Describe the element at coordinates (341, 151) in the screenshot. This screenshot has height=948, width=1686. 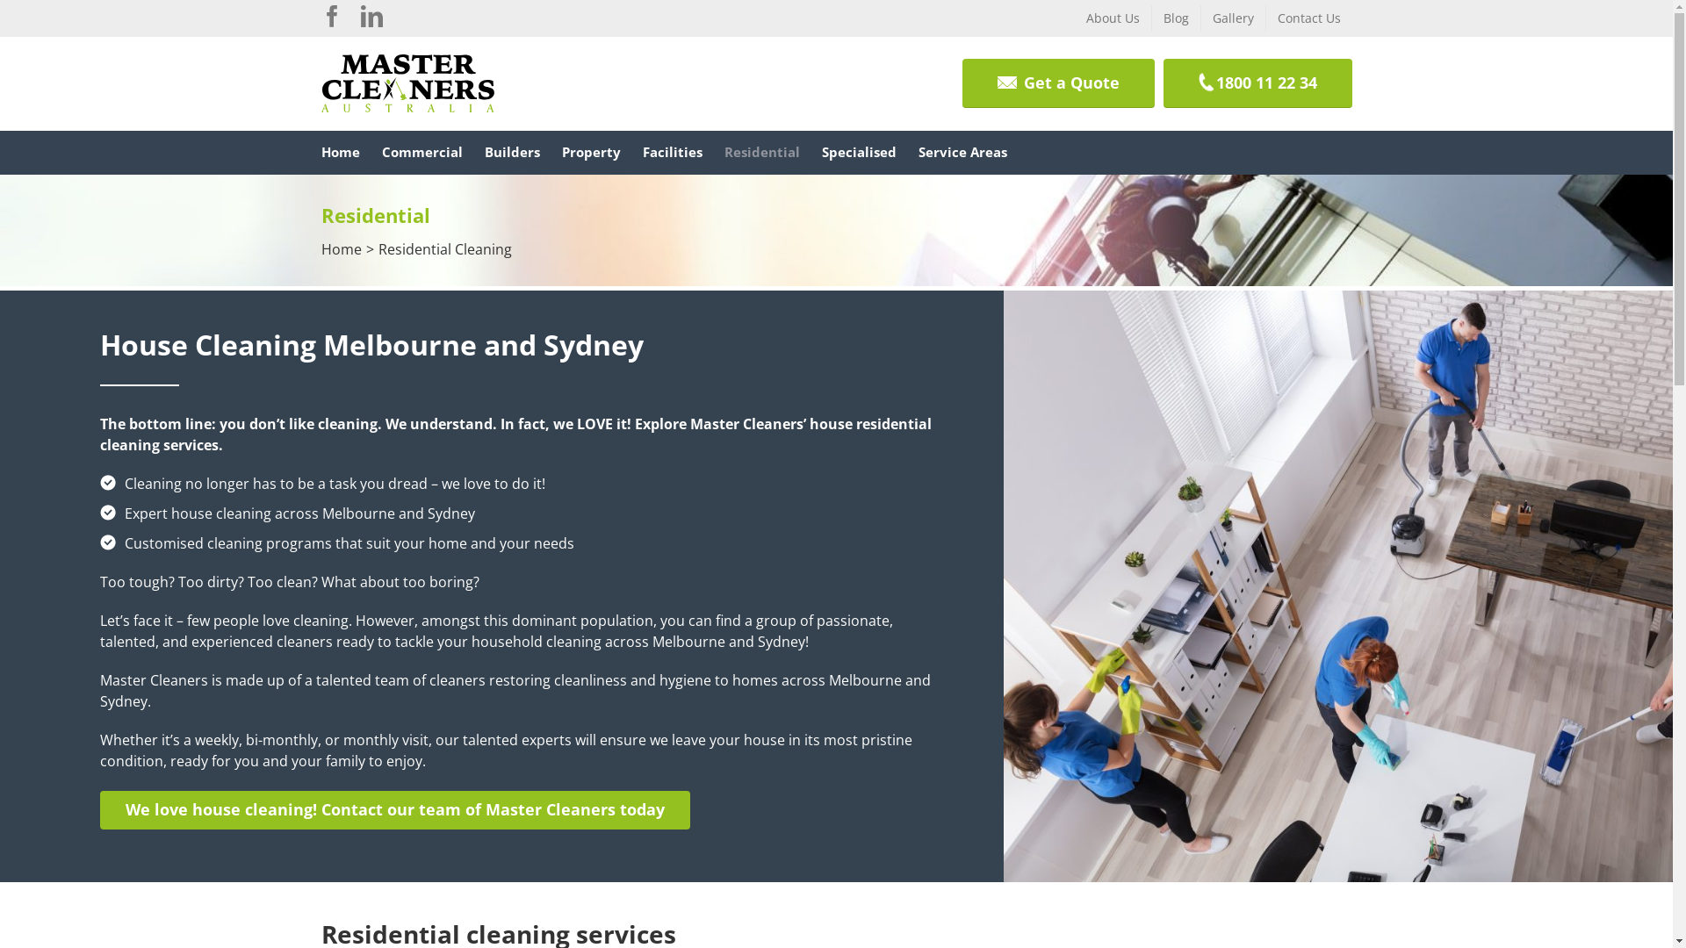
I see `'Home'` at that location.